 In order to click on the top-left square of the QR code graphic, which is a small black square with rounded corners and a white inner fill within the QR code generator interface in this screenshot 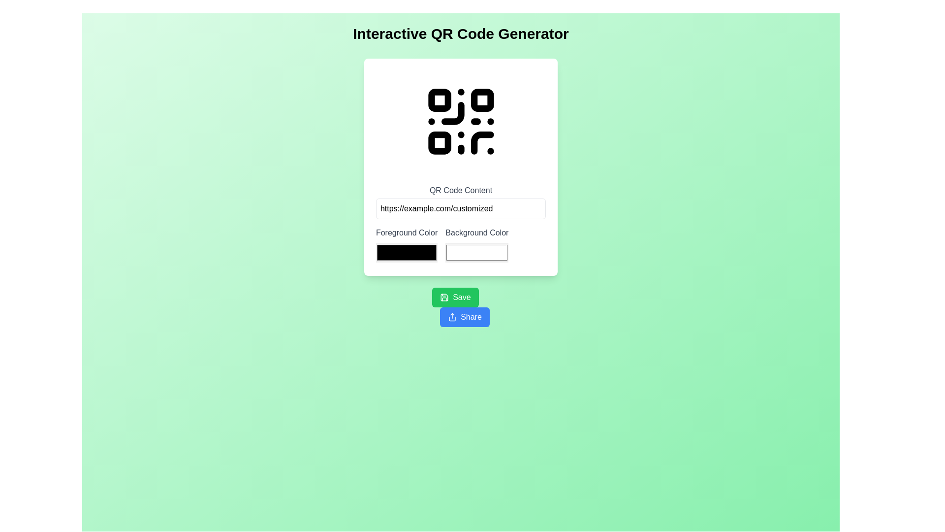, I will do `click(439, 100)`.